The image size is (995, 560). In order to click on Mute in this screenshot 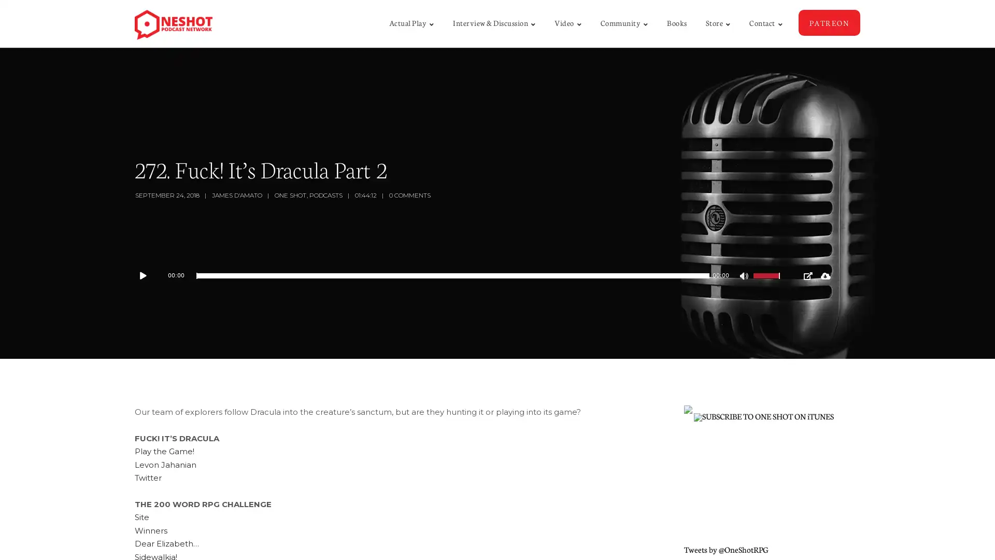, I will do `click(745, 277)`.